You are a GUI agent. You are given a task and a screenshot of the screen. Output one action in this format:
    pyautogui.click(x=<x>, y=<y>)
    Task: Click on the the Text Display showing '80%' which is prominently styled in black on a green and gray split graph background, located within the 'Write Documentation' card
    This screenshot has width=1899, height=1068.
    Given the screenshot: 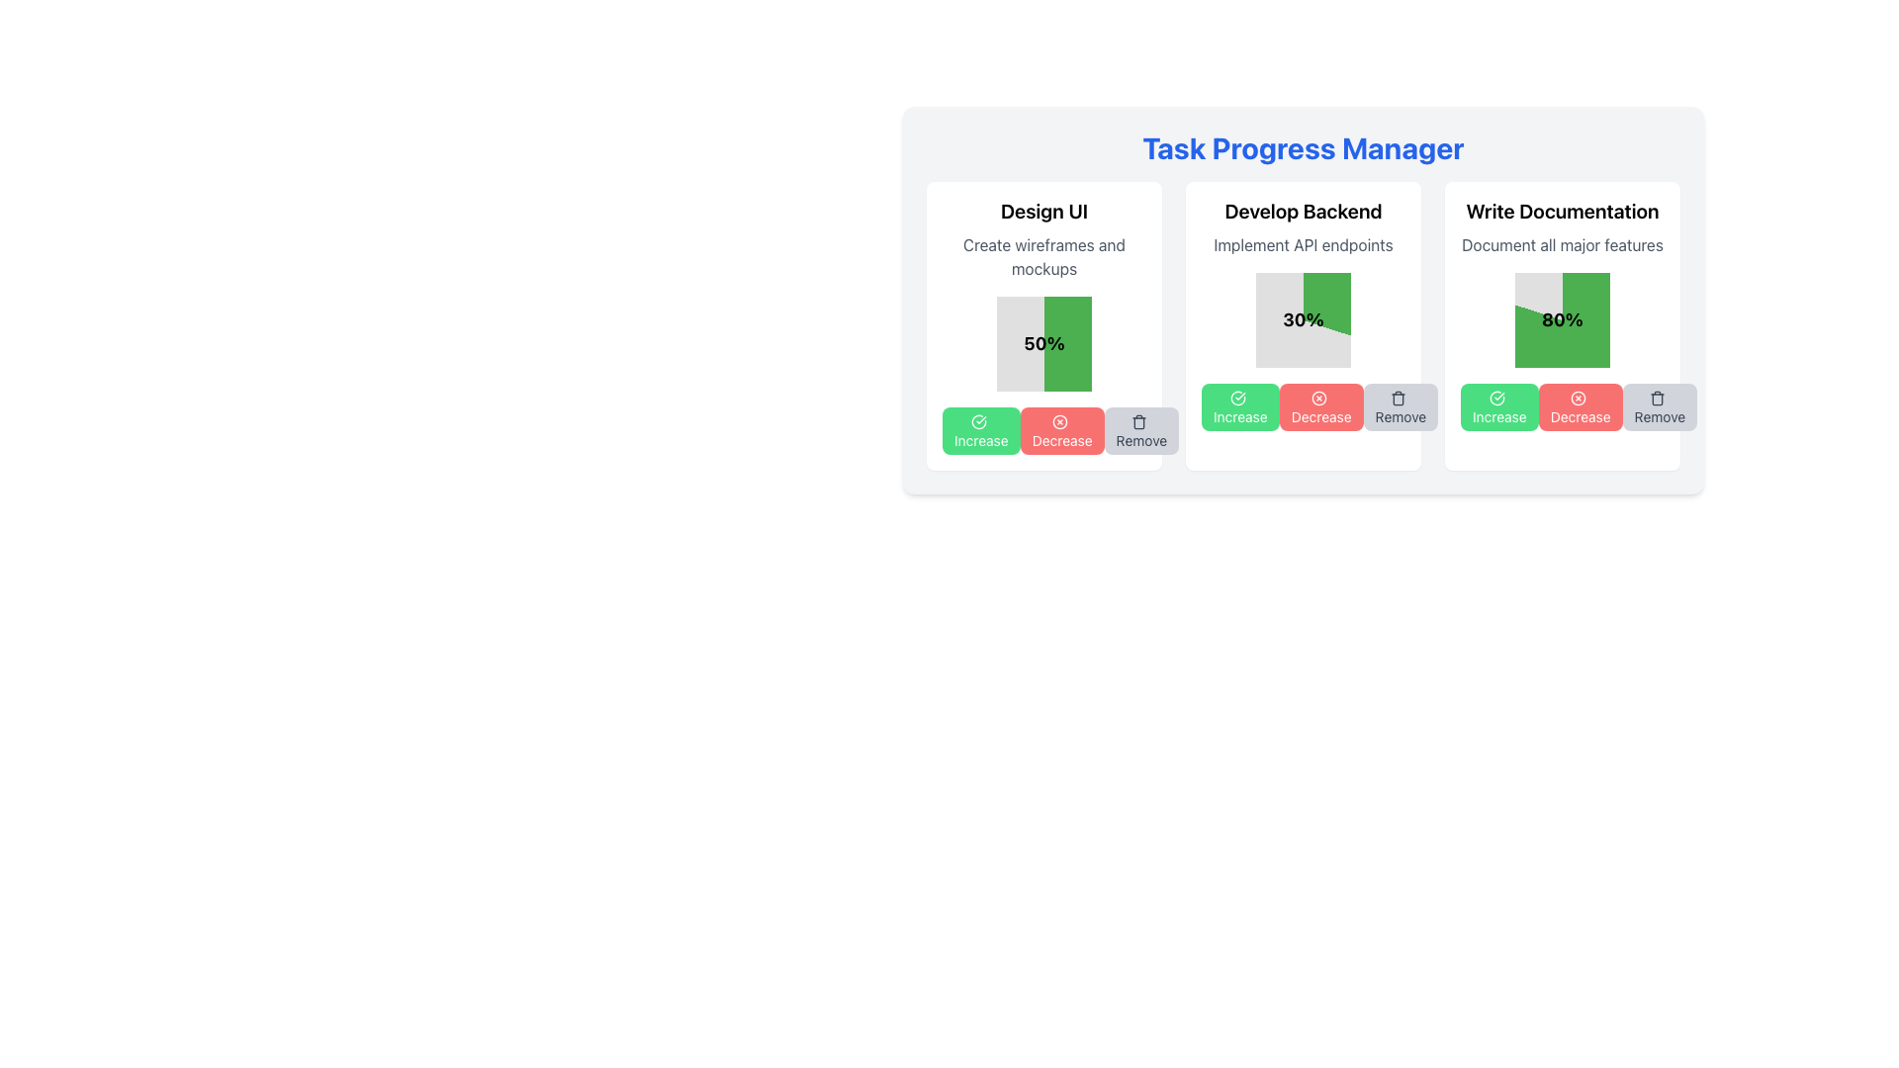 What is the action you would take?
    pyautogui.click(x=1561, y=319)
    